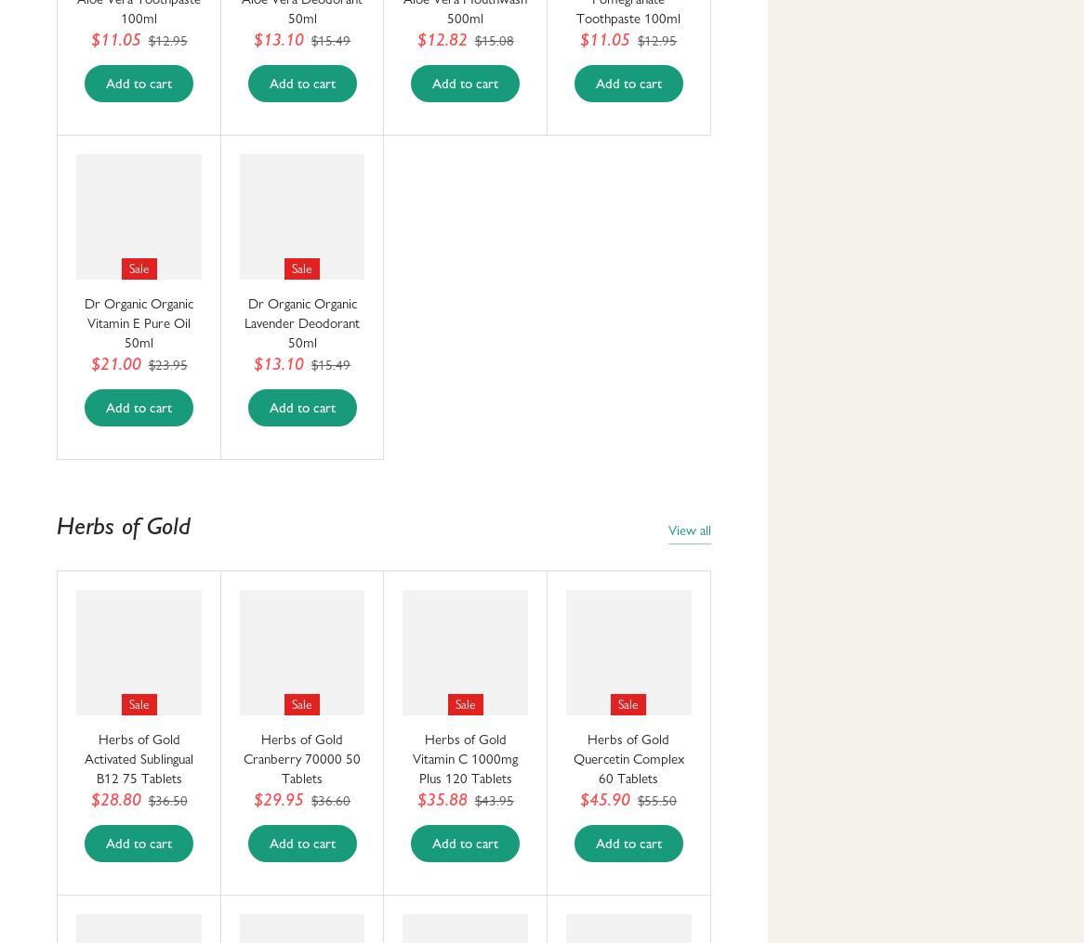 The height and width of the screenshot is (943, 1084). I want to click on '$36.60', so click(330, 801).